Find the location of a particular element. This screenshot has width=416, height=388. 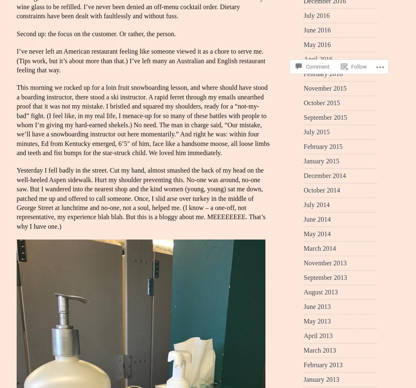

'September 2015' is located at coordinates (325, 117).